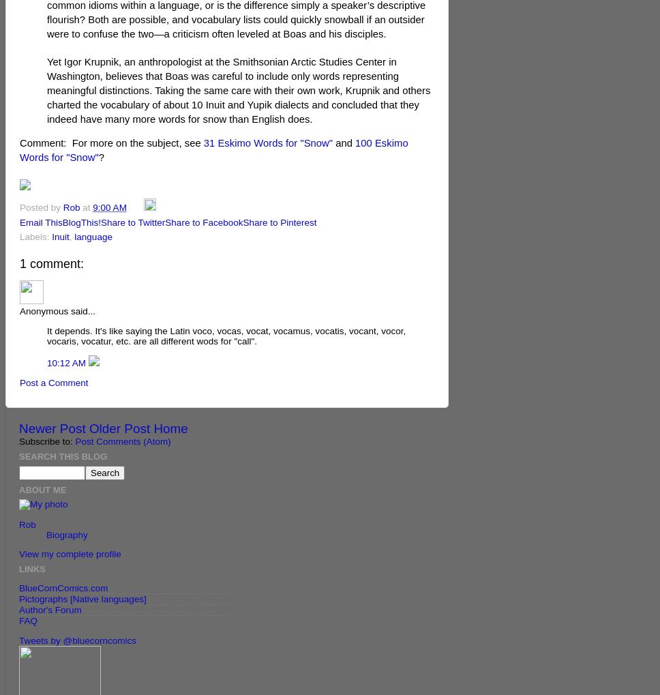  I want to click on 'Share to Twitter', so click(100, 222).